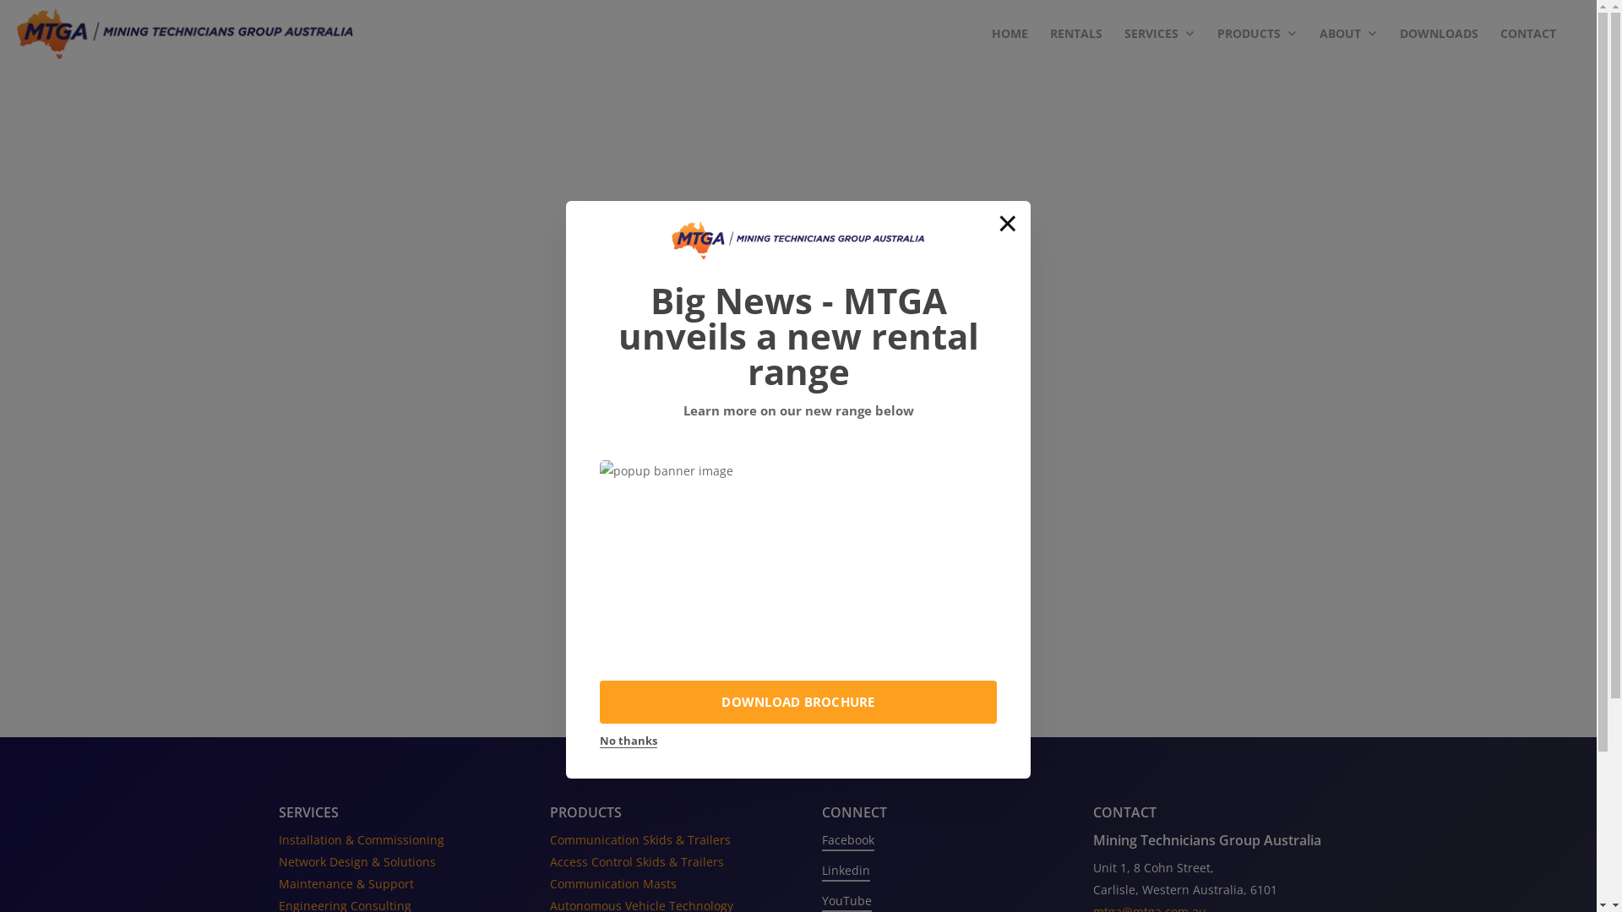 This screenshot has width=1622, height=912. Describe the element at coordinates (1010, 33) in the screenshot. I see `'HOME'` at that location.